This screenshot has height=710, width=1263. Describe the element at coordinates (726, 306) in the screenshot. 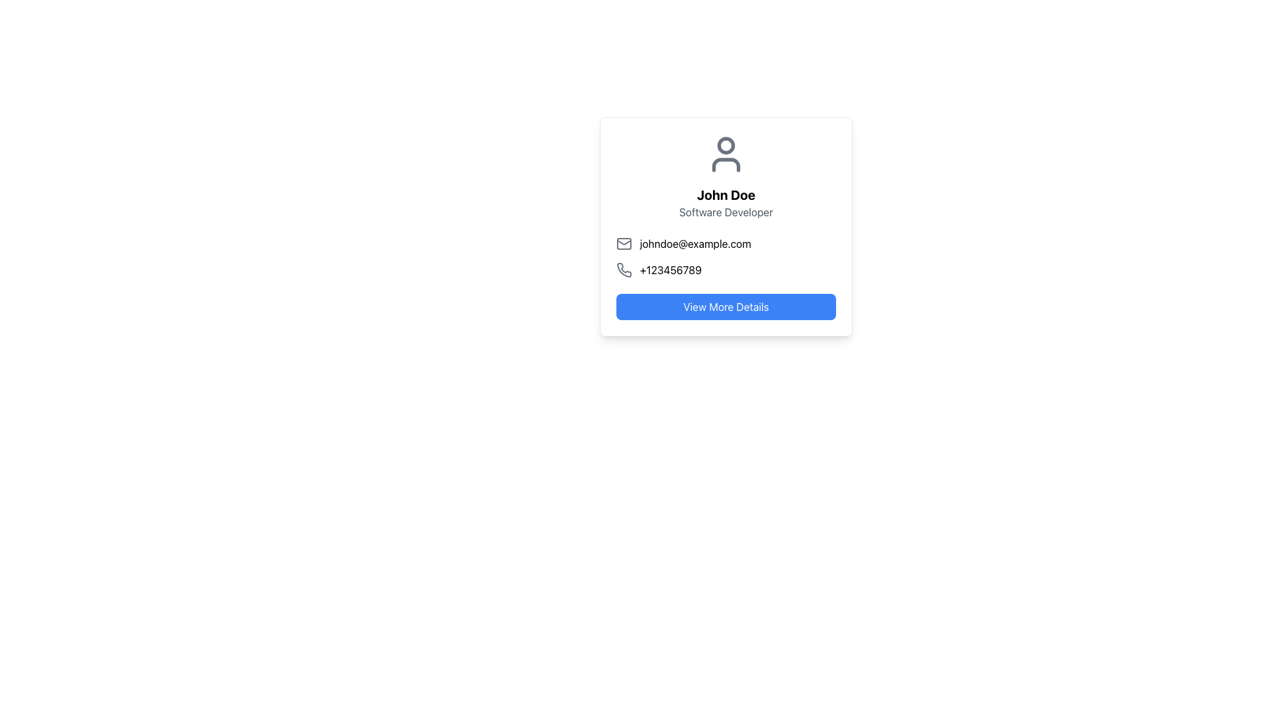

I see `the call-to-action button located at the bottom of the card displaying information about 'John Doe'` at that location.